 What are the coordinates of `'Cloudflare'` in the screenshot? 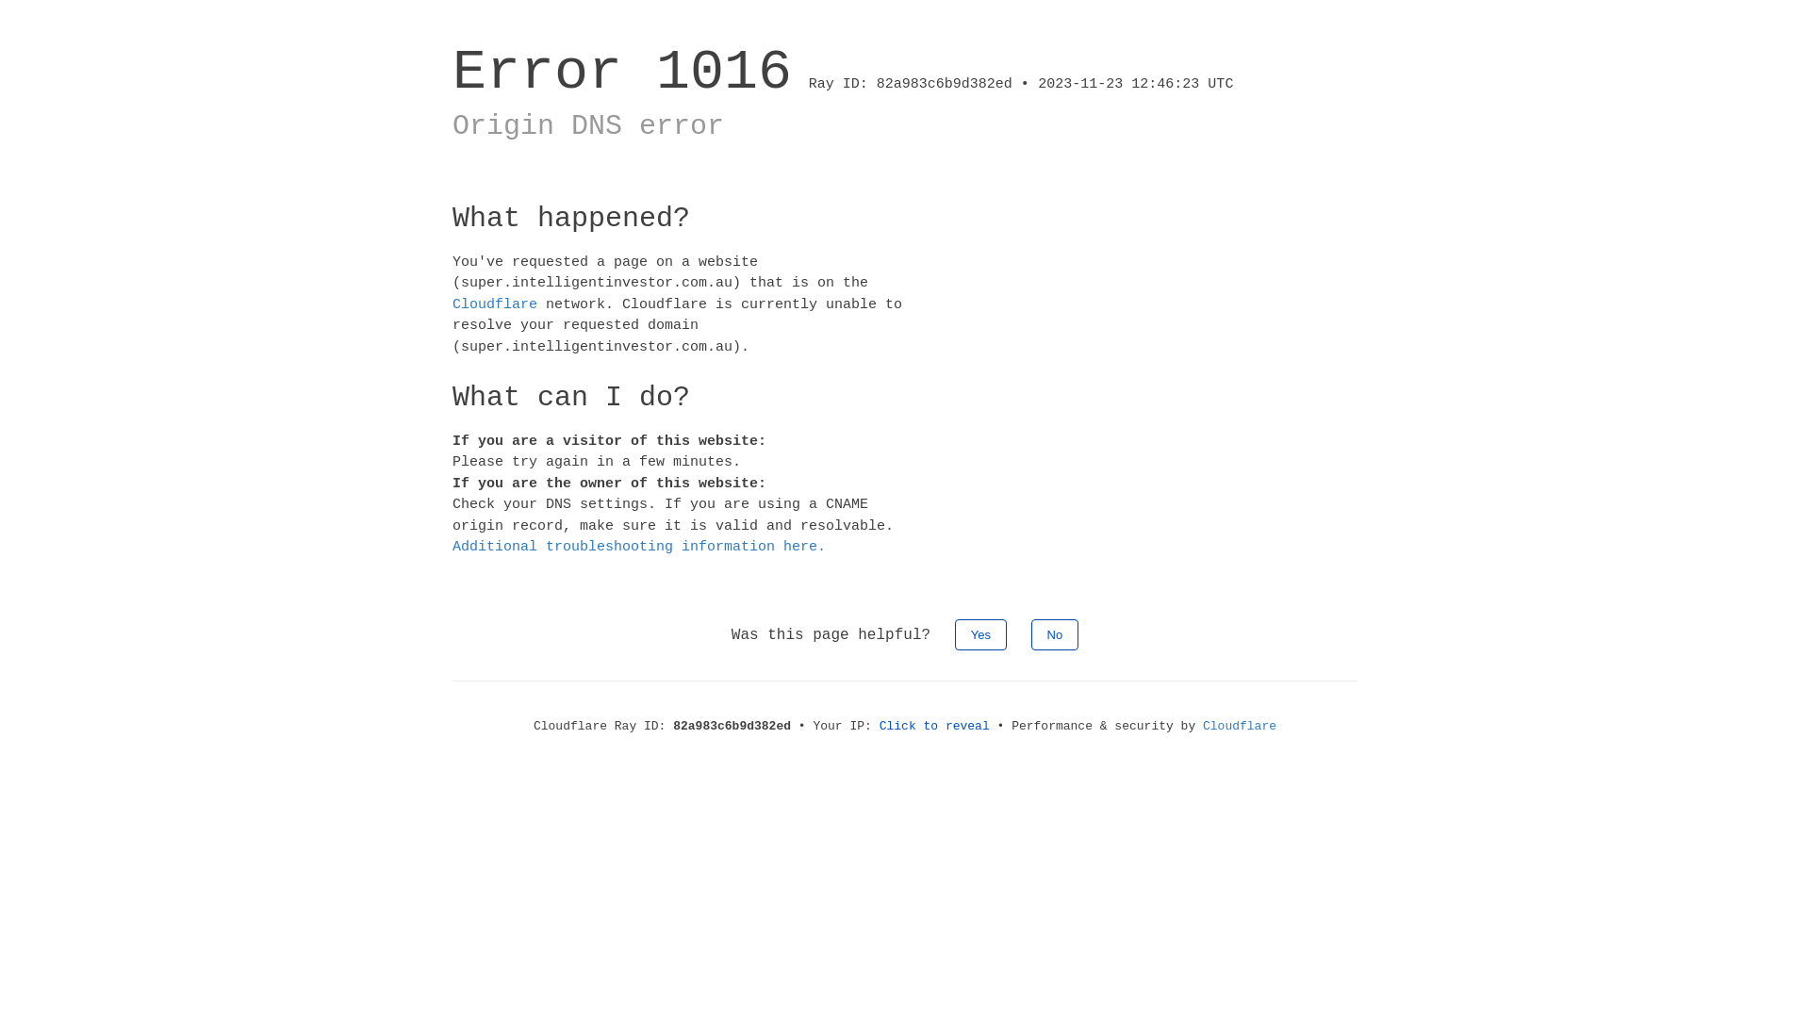 It's located at (1240, 724).